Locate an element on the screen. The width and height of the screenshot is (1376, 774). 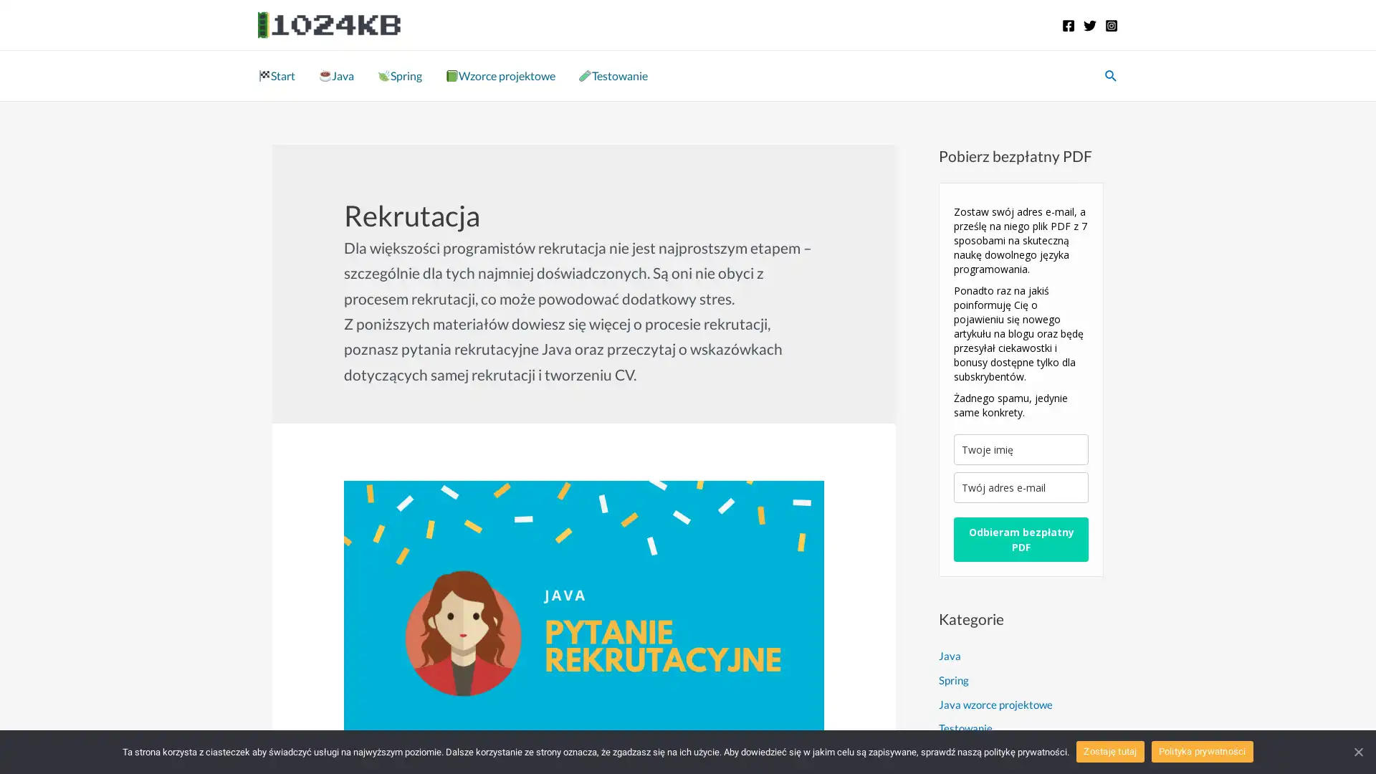
Odbieram bezpatny PDF is located at coordinates (1021, 539).